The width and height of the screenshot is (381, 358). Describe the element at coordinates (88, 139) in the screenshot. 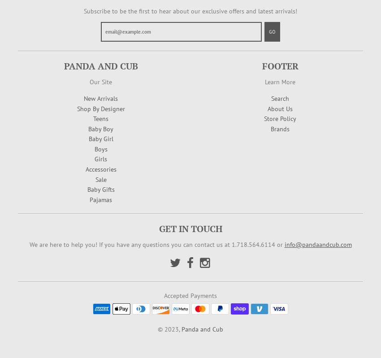

I see `'Baby Girl'` at that location.